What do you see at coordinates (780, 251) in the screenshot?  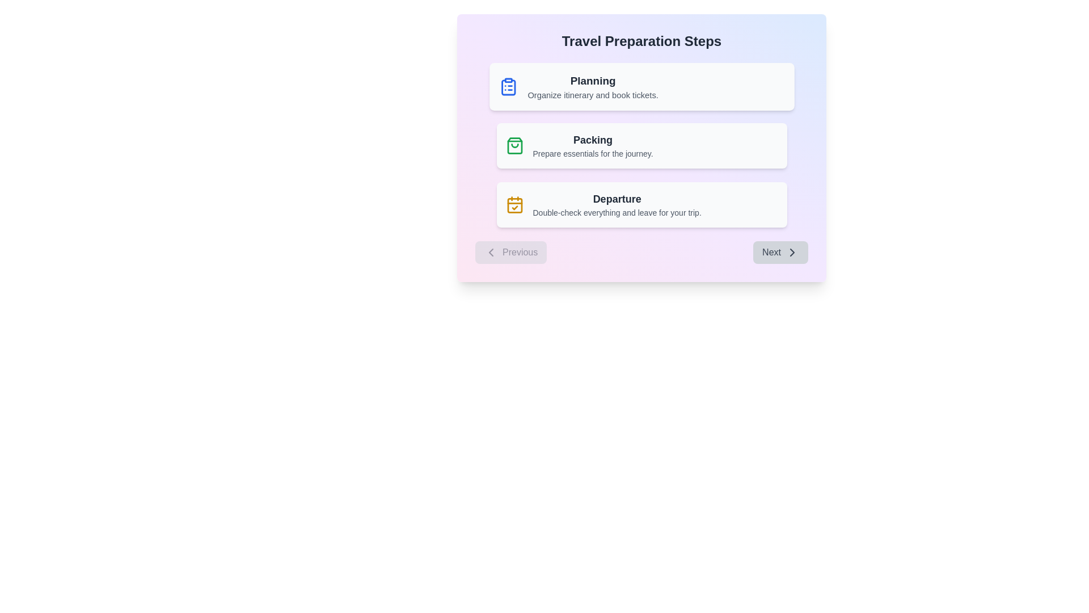 I see `the 'Next' button located at the bottom-right corner of the card` at bounding box center [780, 251].